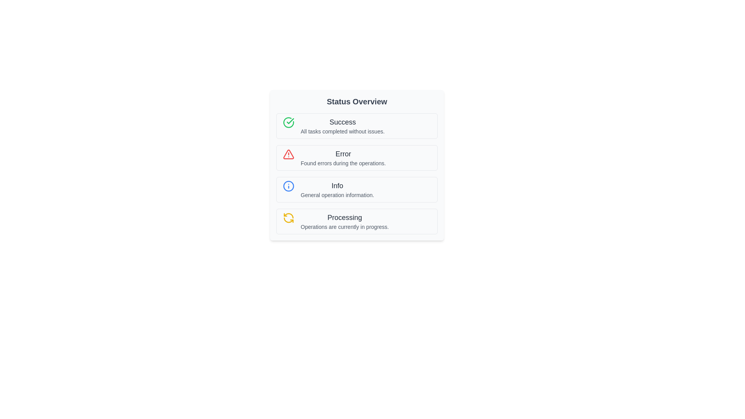 The width and height of the screenshot is (745, 419). I want to click on the blue stroke circular SVG element in the 'Info' section of the 'Status Overview' panel, so click(288, 186).